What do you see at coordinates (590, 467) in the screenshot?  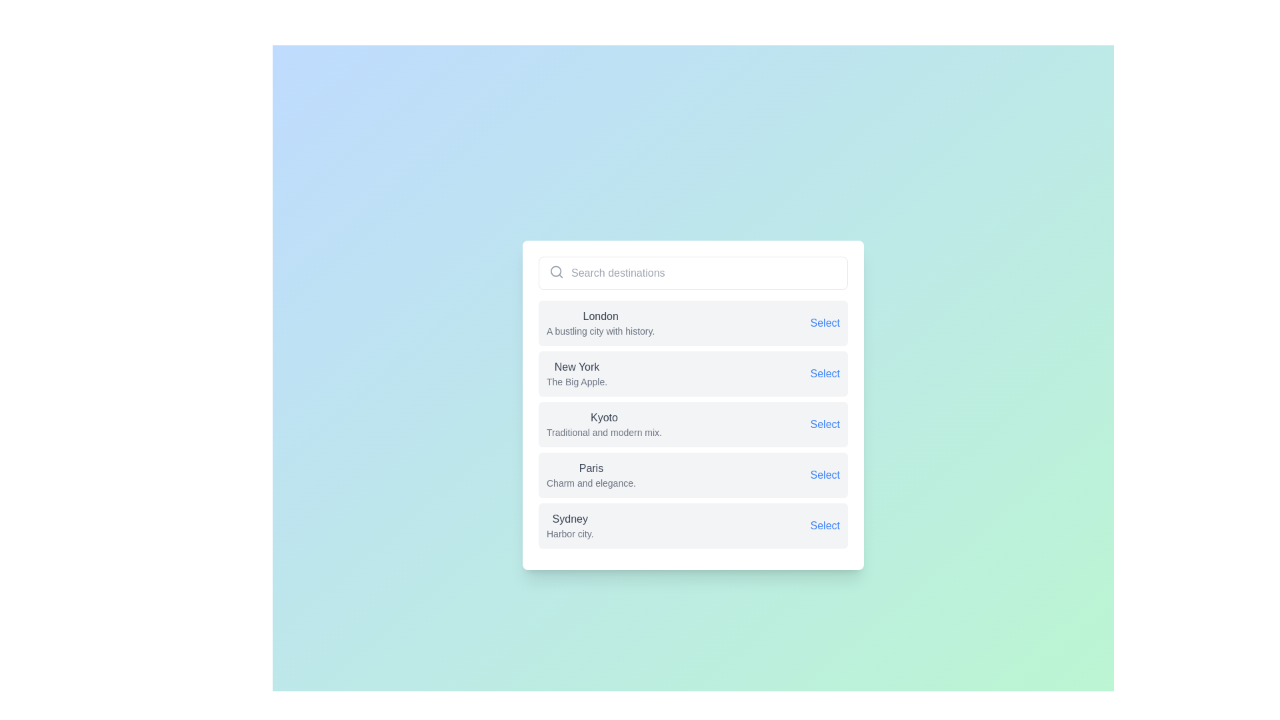 I see `the text label that serves as a title for the description of the city 'Paris', located in the fourth entry of a vertical list, above the text 'Charm and elegance.'` at bounding box center [590, 467].